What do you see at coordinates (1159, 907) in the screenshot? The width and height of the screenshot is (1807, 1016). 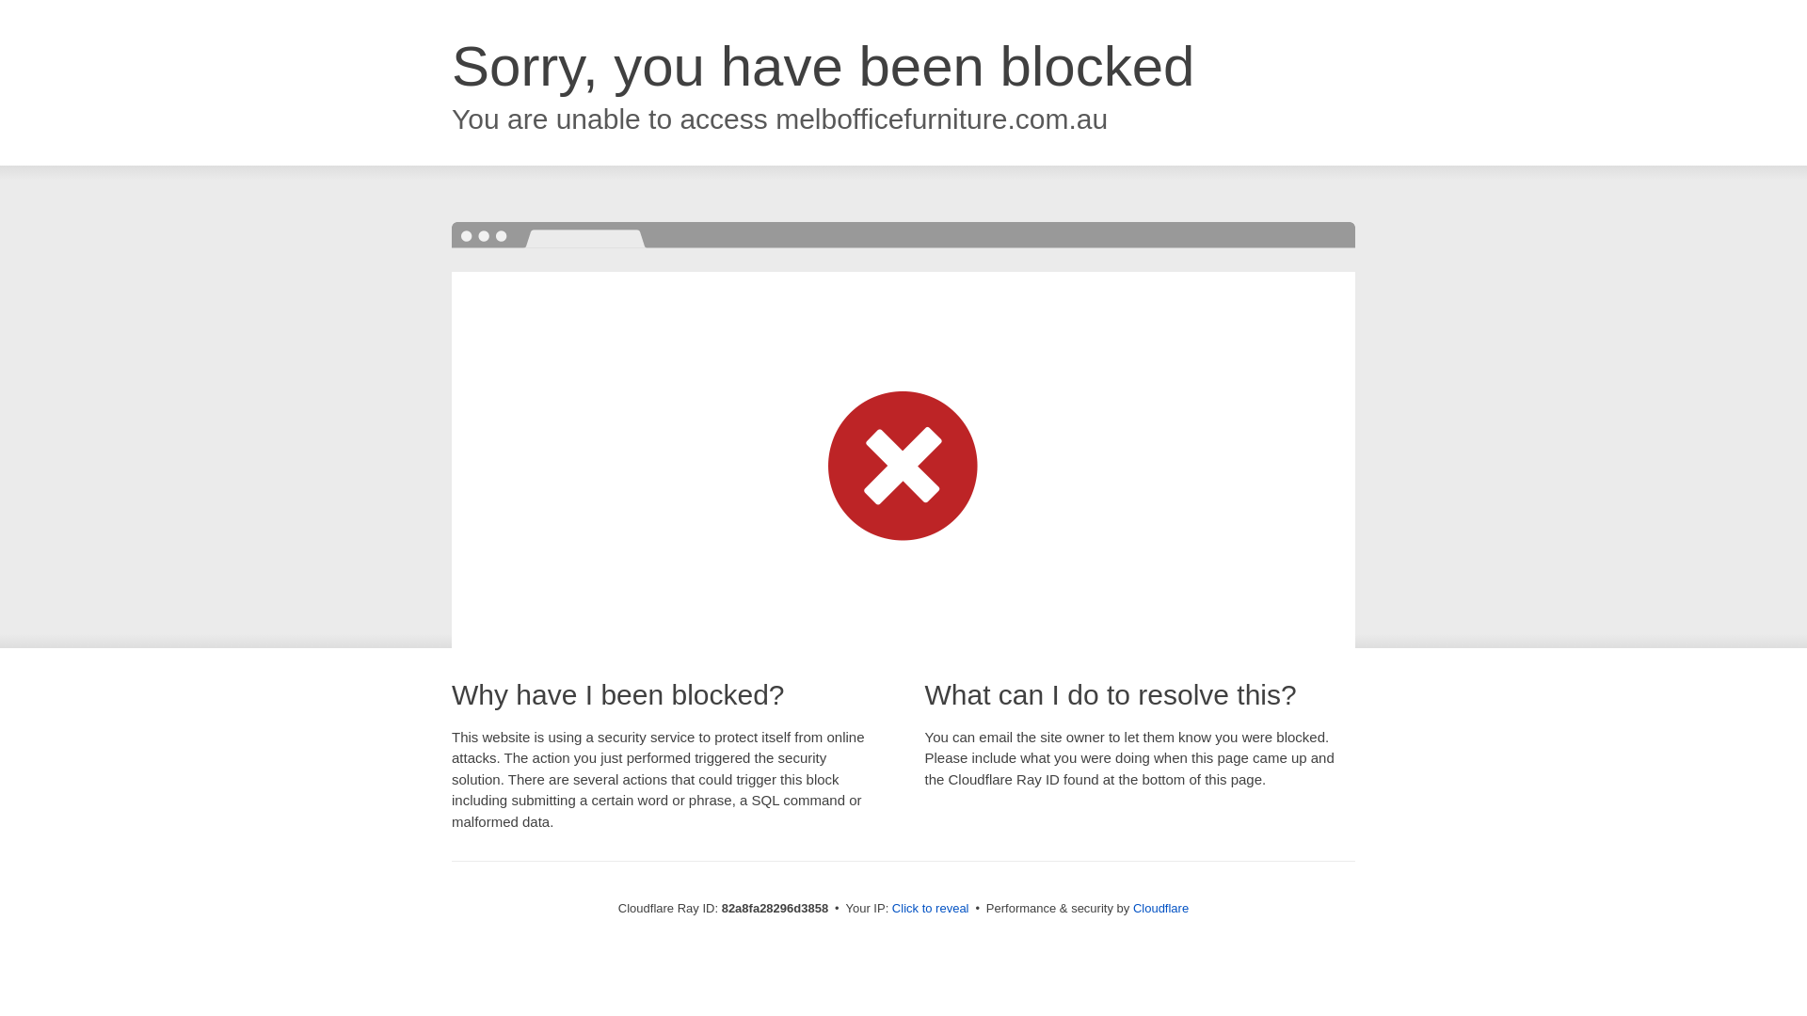 I see `'Cloudflare'` at bounding box center [1159, 907].